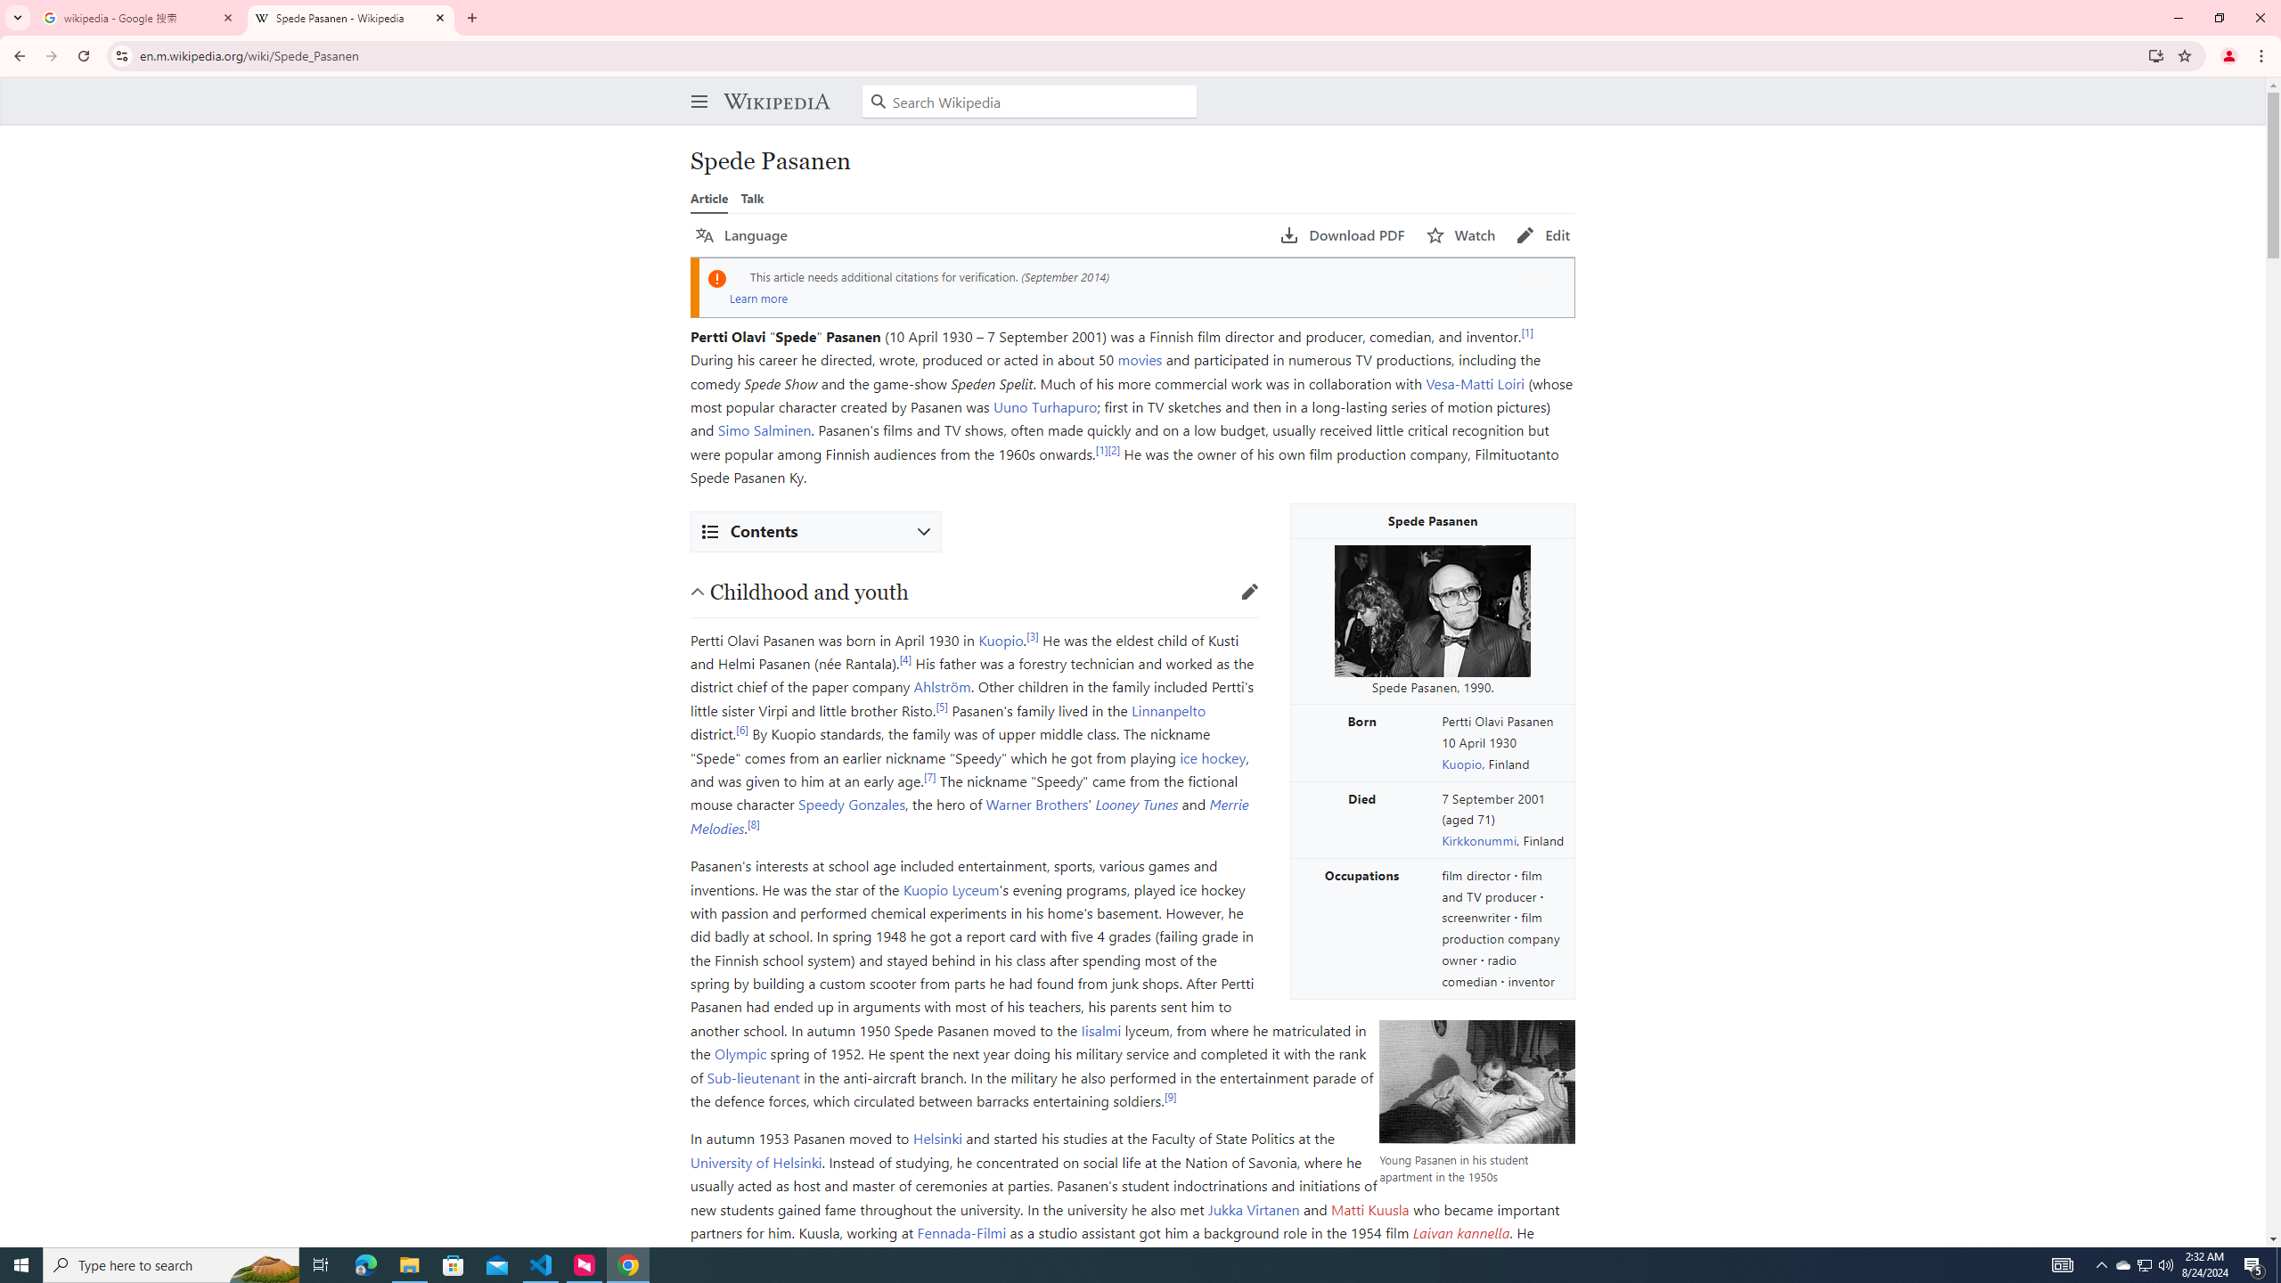 This screenshot has width=2281, height=1283. Describe the element at coordinates (1343, 235) in the screenshot. I see `'AutomationID: minerva-download'` at that location.